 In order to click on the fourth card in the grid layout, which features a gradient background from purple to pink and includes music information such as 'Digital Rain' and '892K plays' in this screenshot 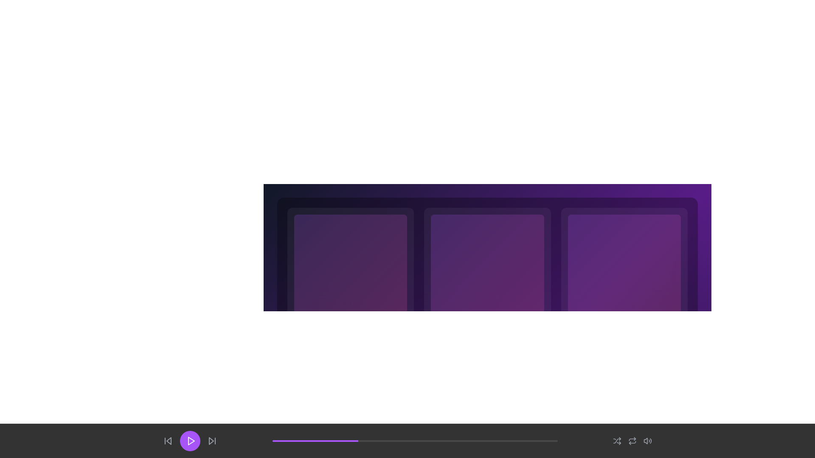, I will do `click(624, 293)`.